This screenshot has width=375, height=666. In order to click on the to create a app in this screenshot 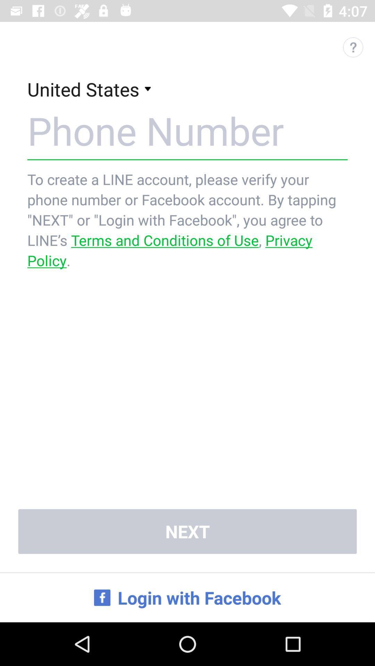, I will do `click(187, 219)`.